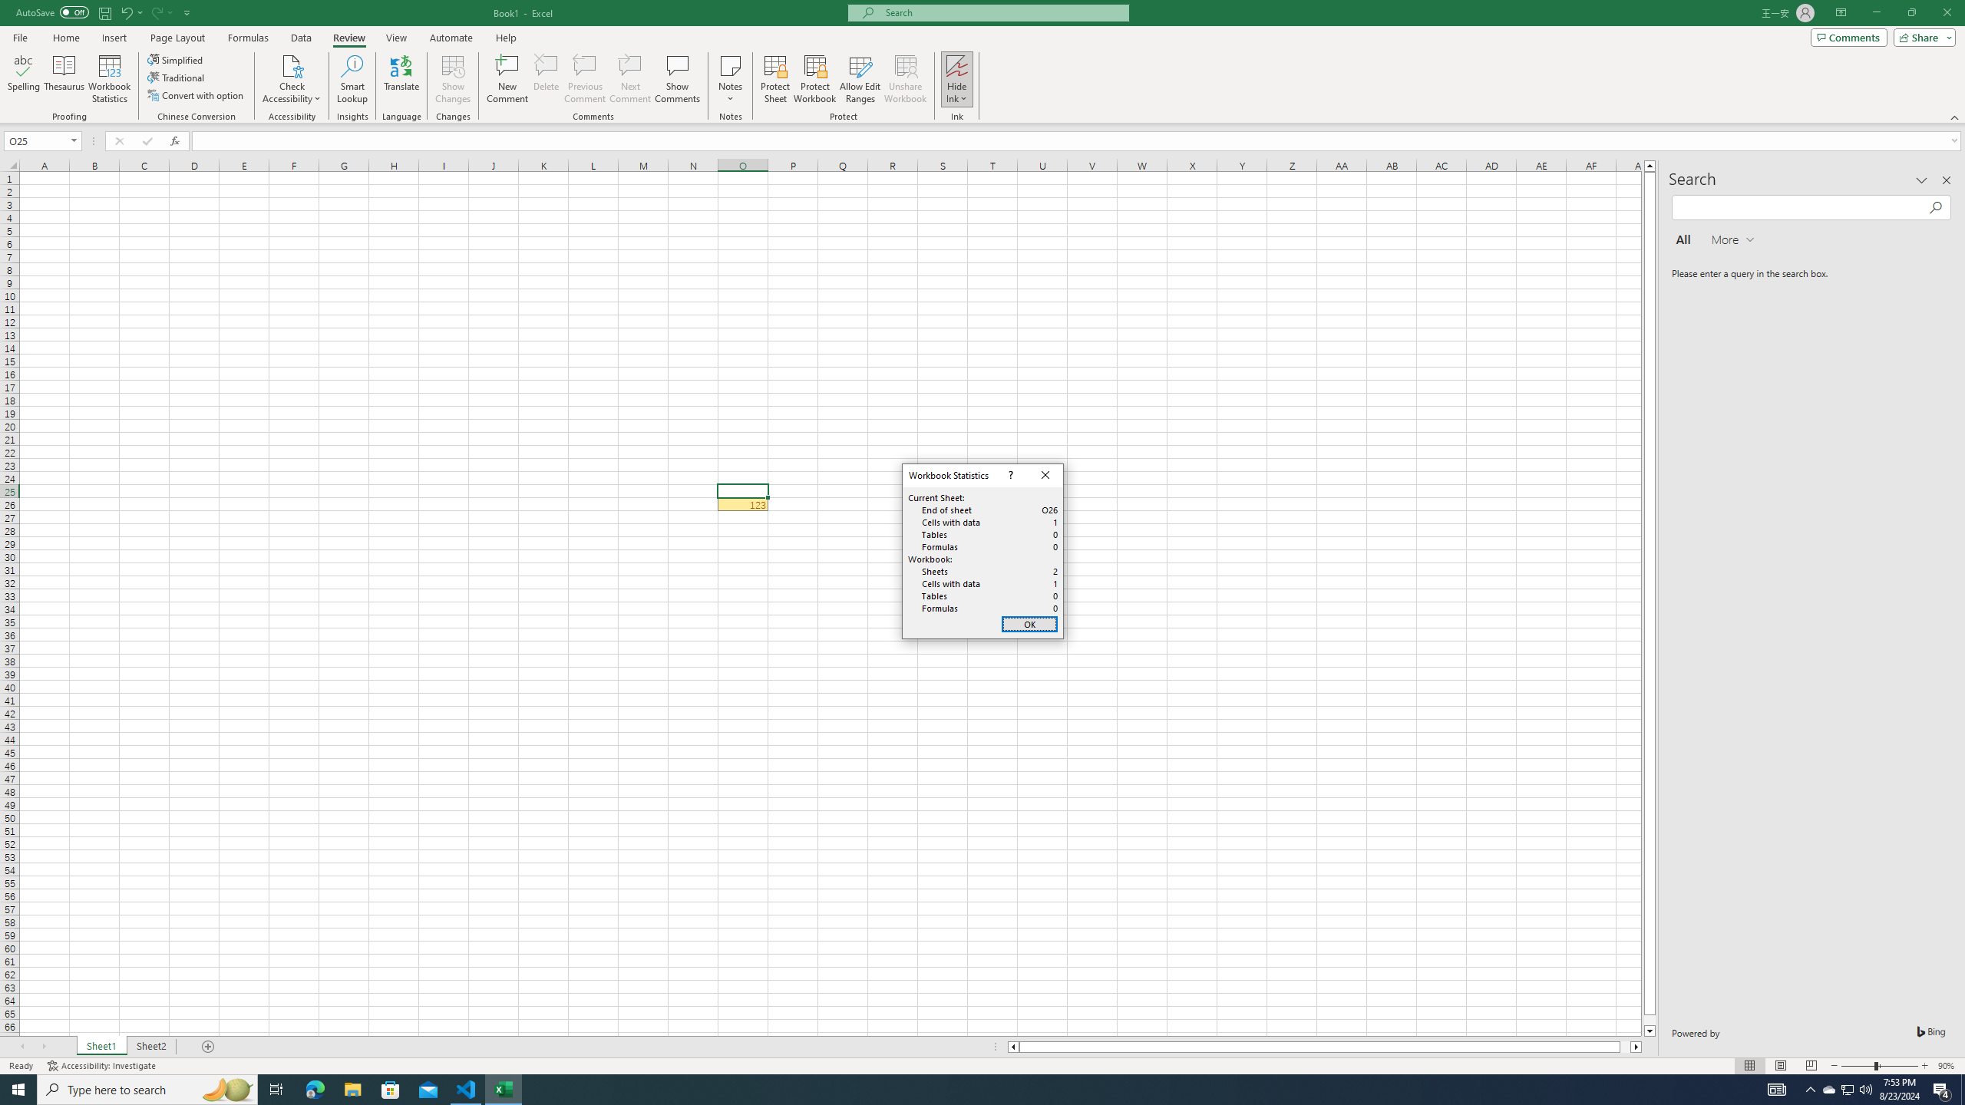  Describe the element at coordinates (150, 1046) in the screenshot. I see `'Sheet2'` at that location.